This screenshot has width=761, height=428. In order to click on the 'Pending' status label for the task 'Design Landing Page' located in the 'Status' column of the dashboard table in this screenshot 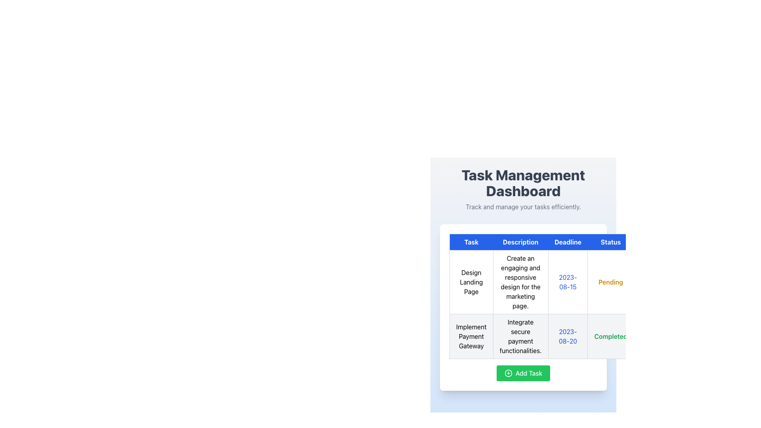, I will do `click(610, 282)`.